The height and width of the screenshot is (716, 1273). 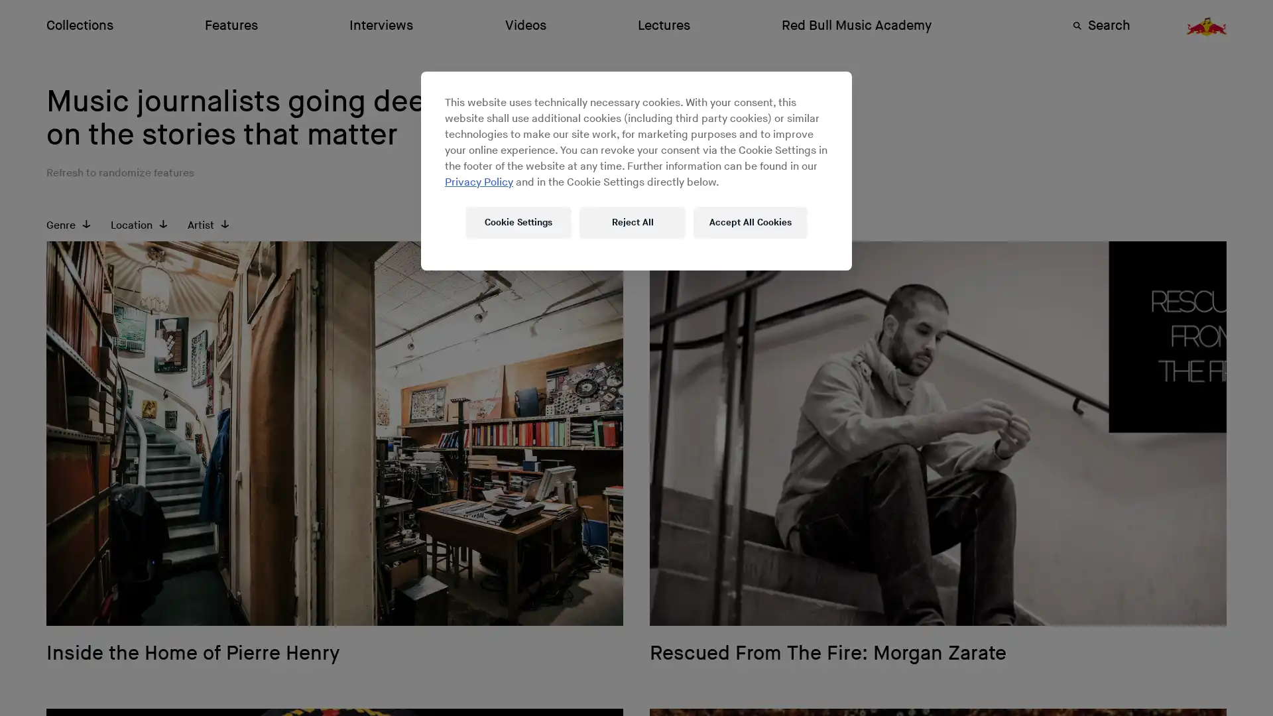 I want to click on Reject All, so click(x=632, y=221).